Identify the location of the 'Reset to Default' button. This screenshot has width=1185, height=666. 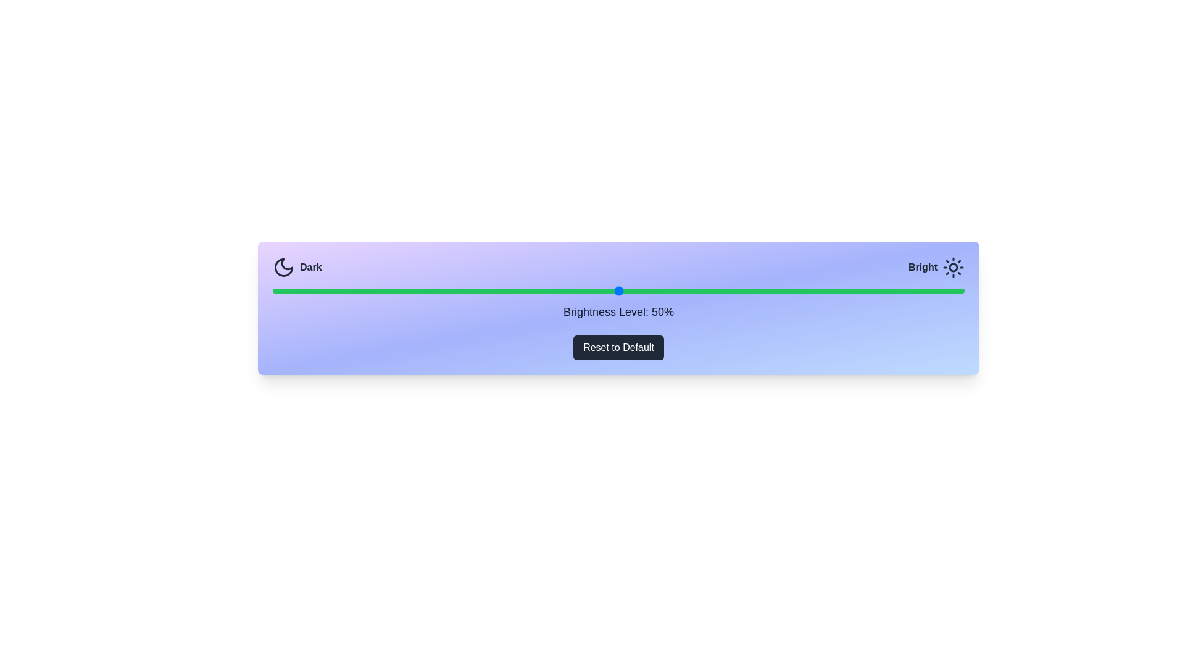
(618, 347).